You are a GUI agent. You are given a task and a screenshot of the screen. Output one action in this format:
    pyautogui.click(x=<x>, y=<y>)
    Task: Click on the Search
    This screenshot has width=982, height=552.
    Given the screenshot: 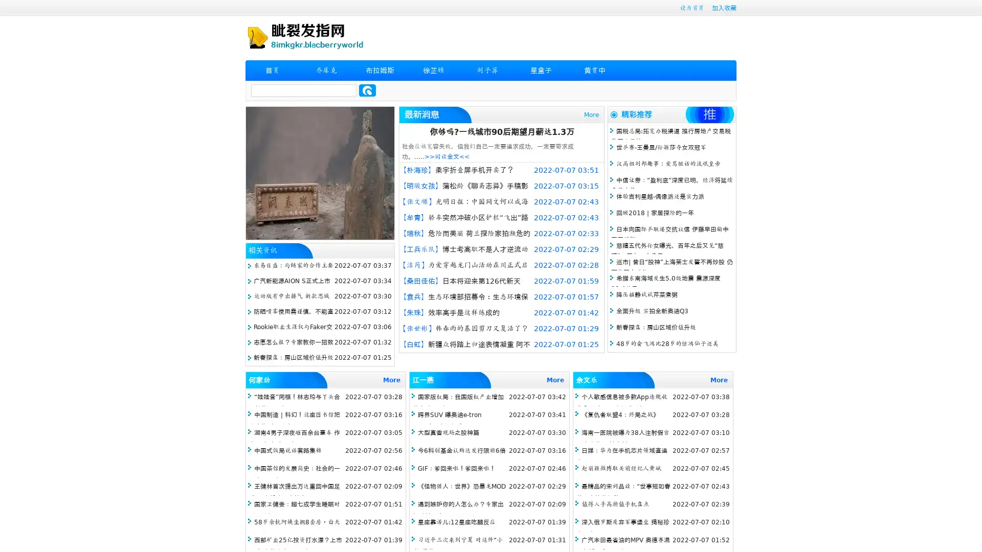 What is the action you would take?
    pyautogui.click(x=367, y=90)
    